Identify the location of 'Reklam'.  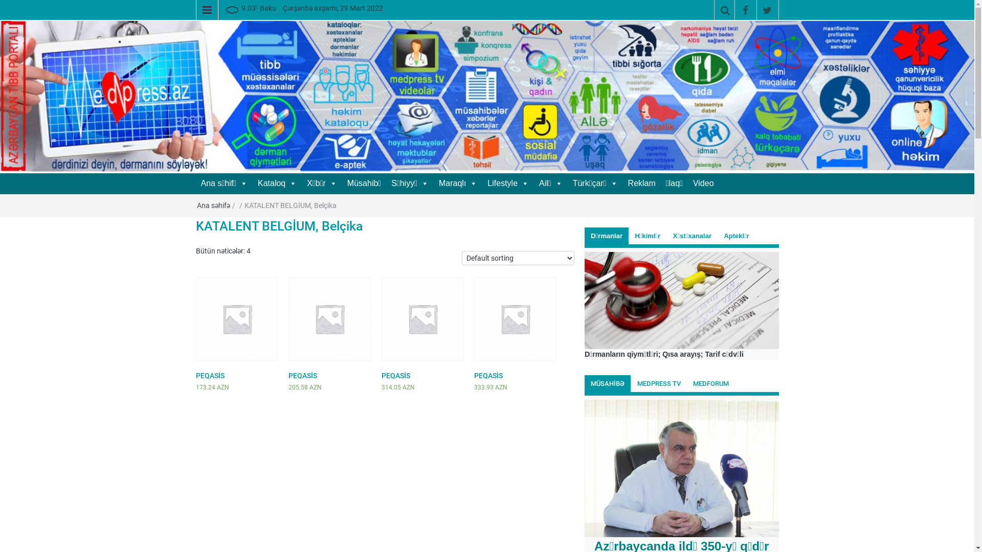
(641, 182).